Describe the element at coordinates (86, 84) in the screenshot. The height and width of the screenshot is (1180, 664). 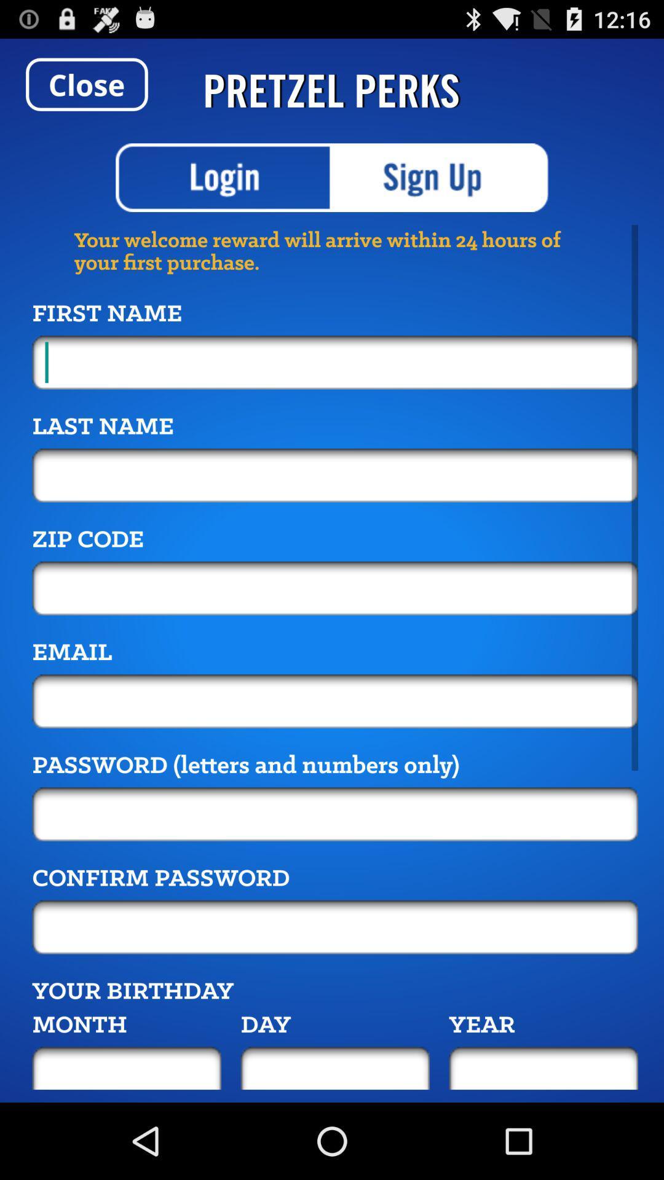
I see `item to the left of pretzel perks` at that location.